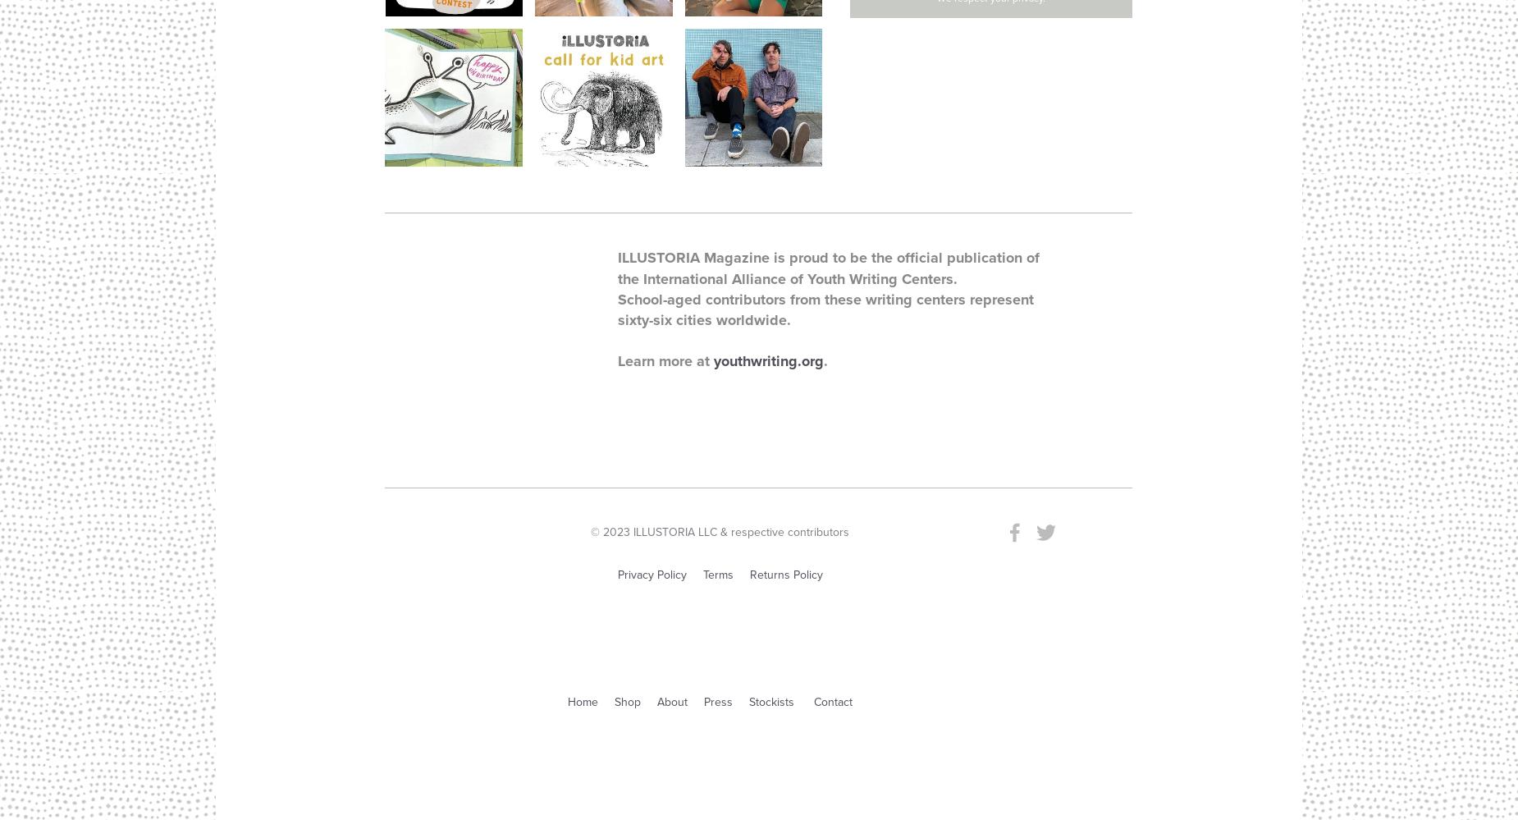  What do you see at coordinates (615, 701) in the screenshot?
I see `'Shop'` at bounding box center [615, 701].